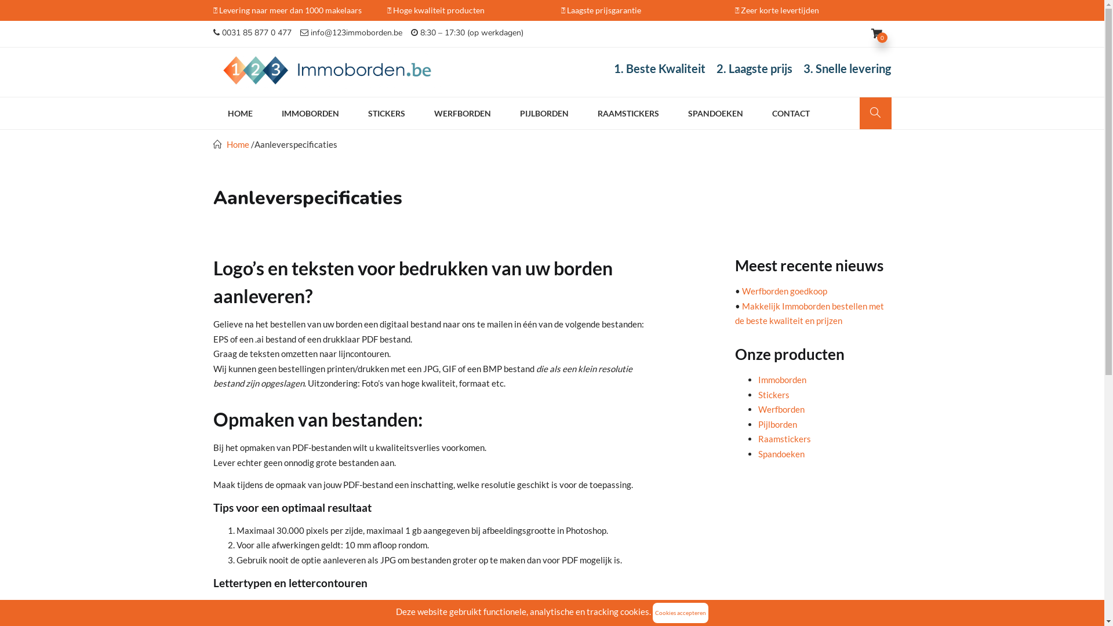  I want to click on 'CONTACT', so click(790, 113).